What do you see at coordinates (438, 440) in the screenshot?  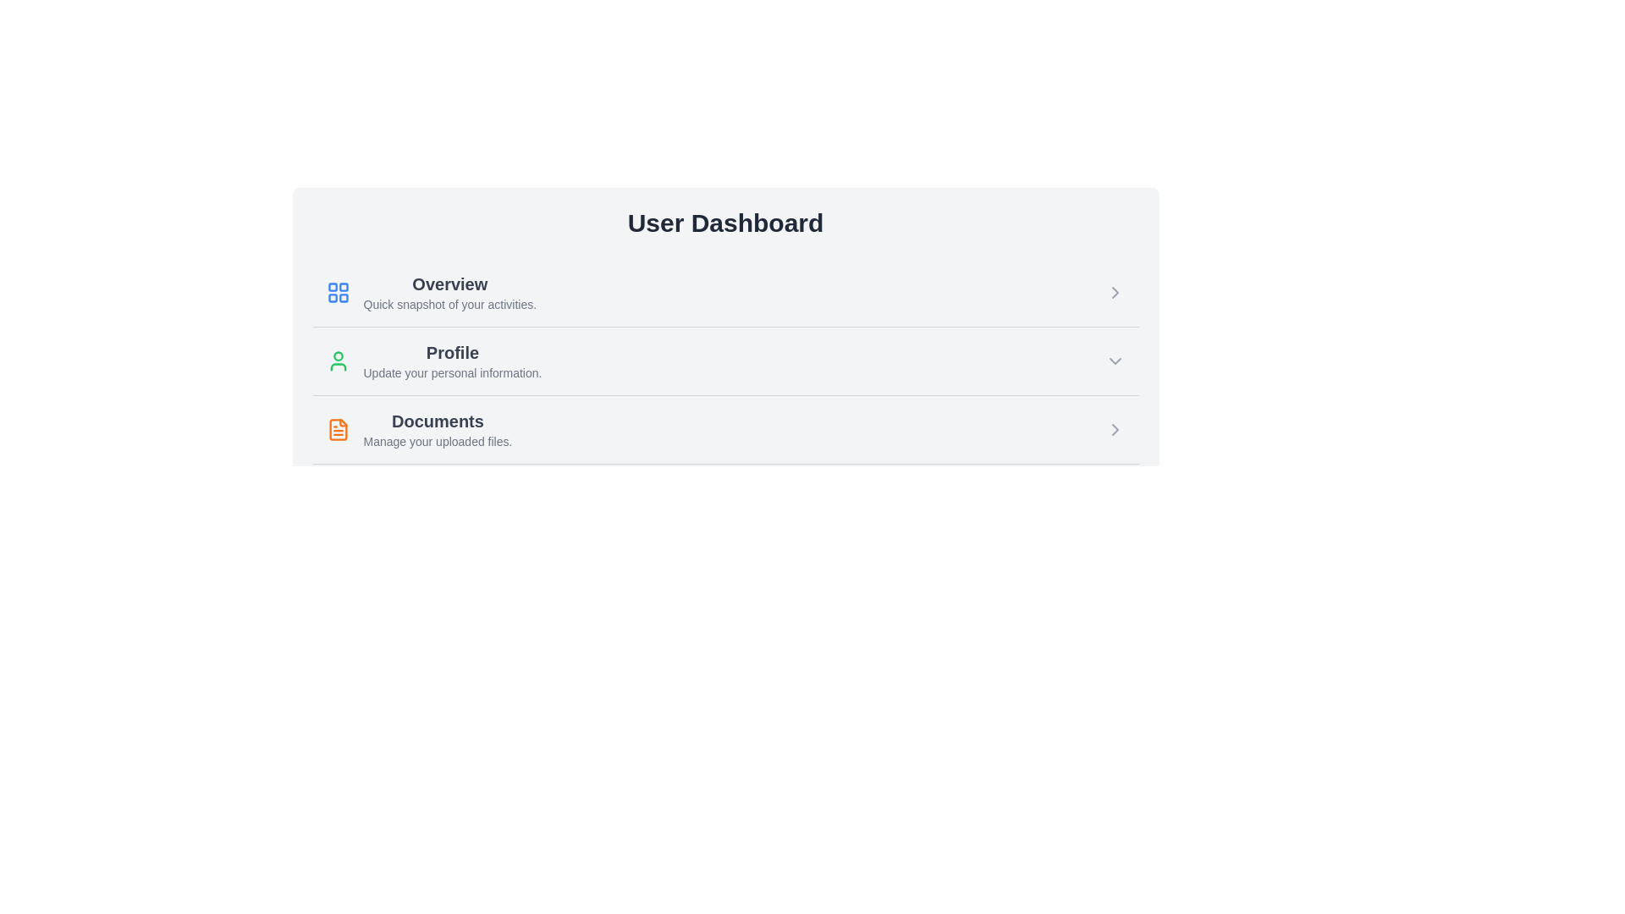 I see `text label that says 'Manage your uploaded files.' positioned under the 'Documents' section title` at bounding box center [438, 440].